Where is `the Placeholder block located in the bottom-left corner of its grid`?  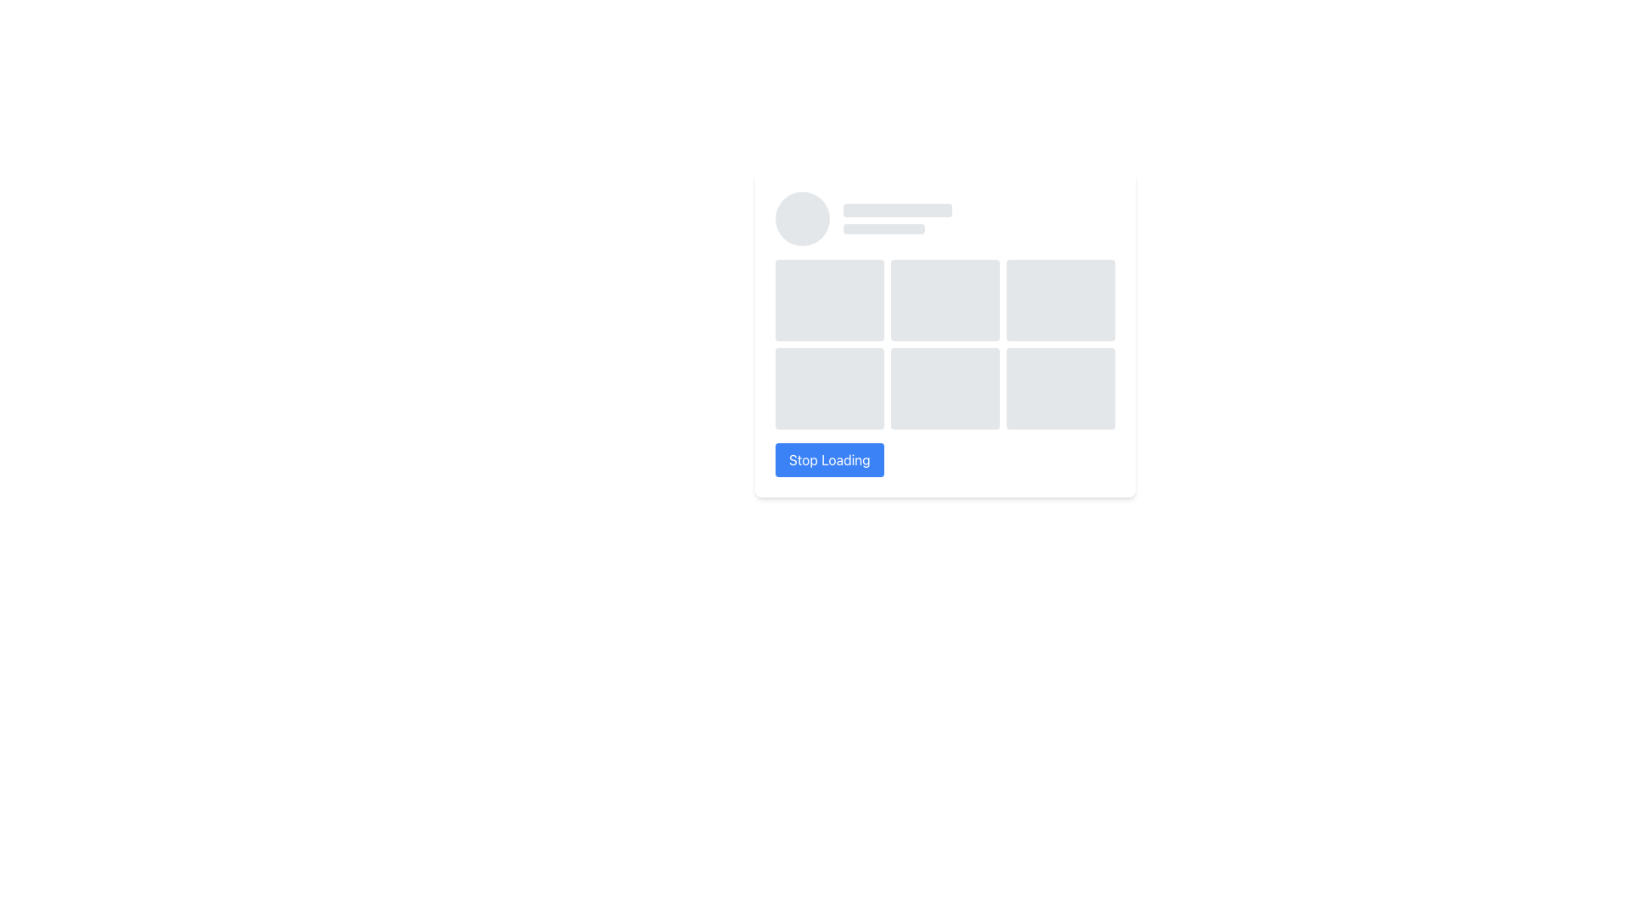
the Placeholder block located in the bottom-left corner of its grid is located at coordinates (830, 389).